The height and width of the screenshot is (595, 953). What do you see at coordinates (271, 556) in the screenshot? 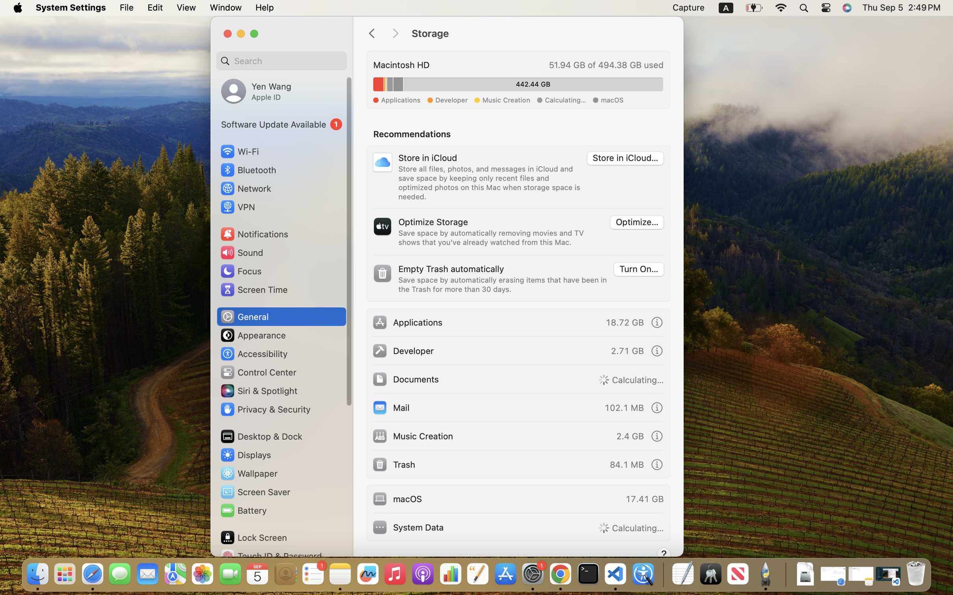
I see `'Touch ID & Password'` at bounding box center [271, 556].